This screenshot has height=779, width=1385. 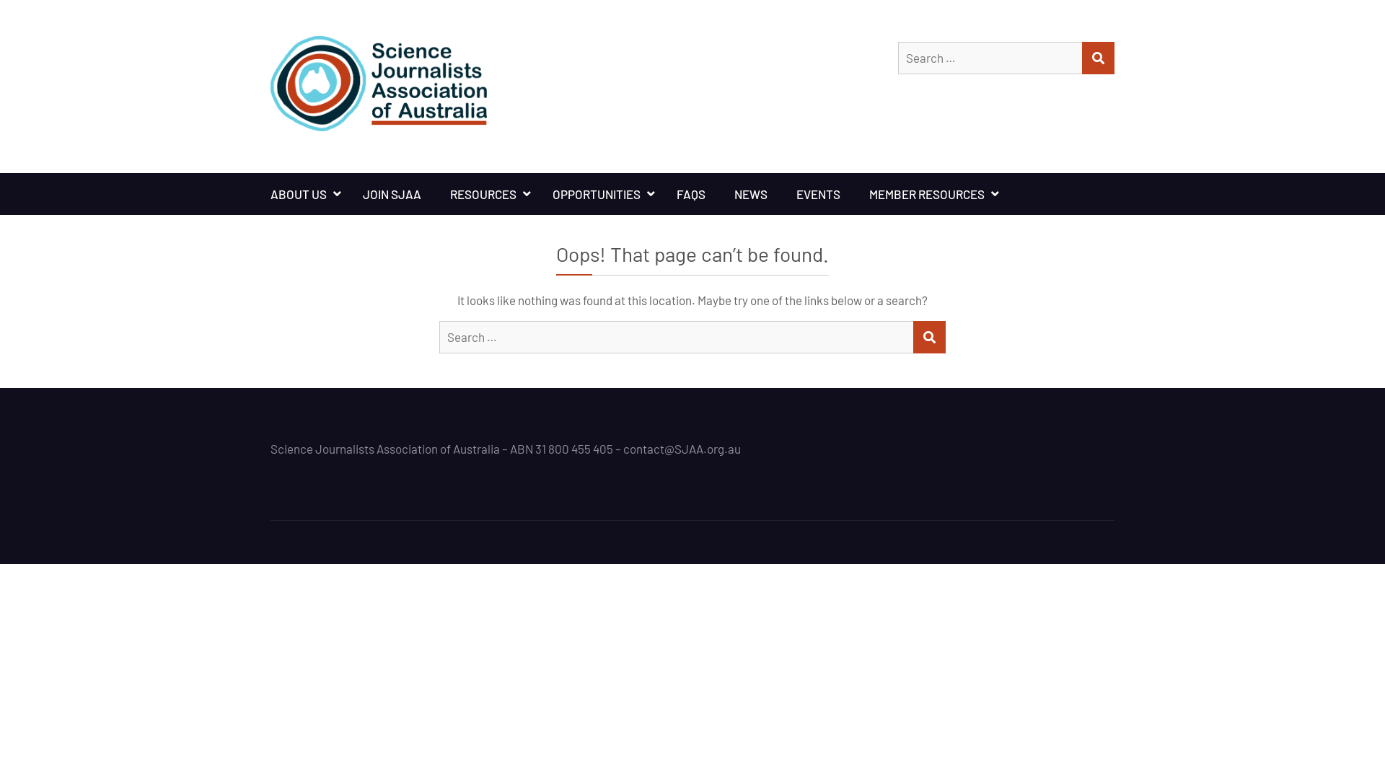 I want to click on 'FAQS', so click(x=661, y=193).